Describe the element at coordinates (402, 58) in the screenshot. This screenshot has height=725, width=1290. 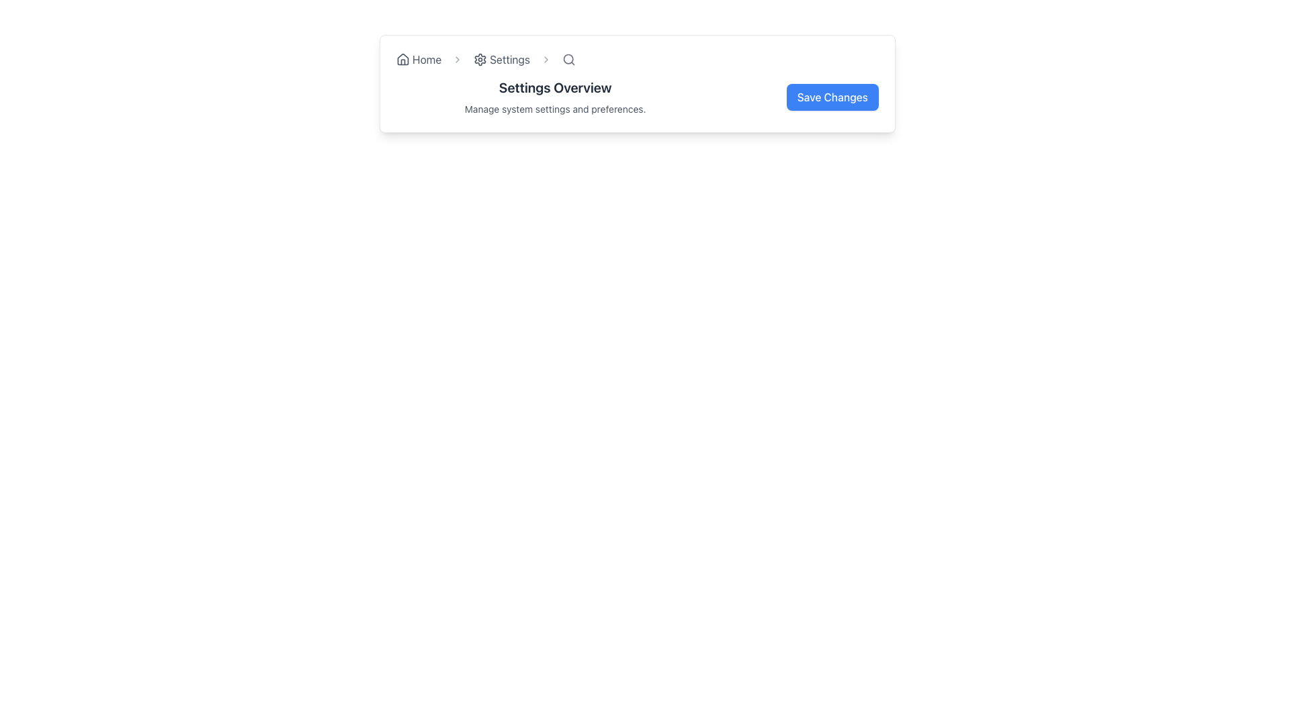
I see `the house icon SVG element adjacent to the 'Home' text in the breadcrumb navigation bar` at that location.